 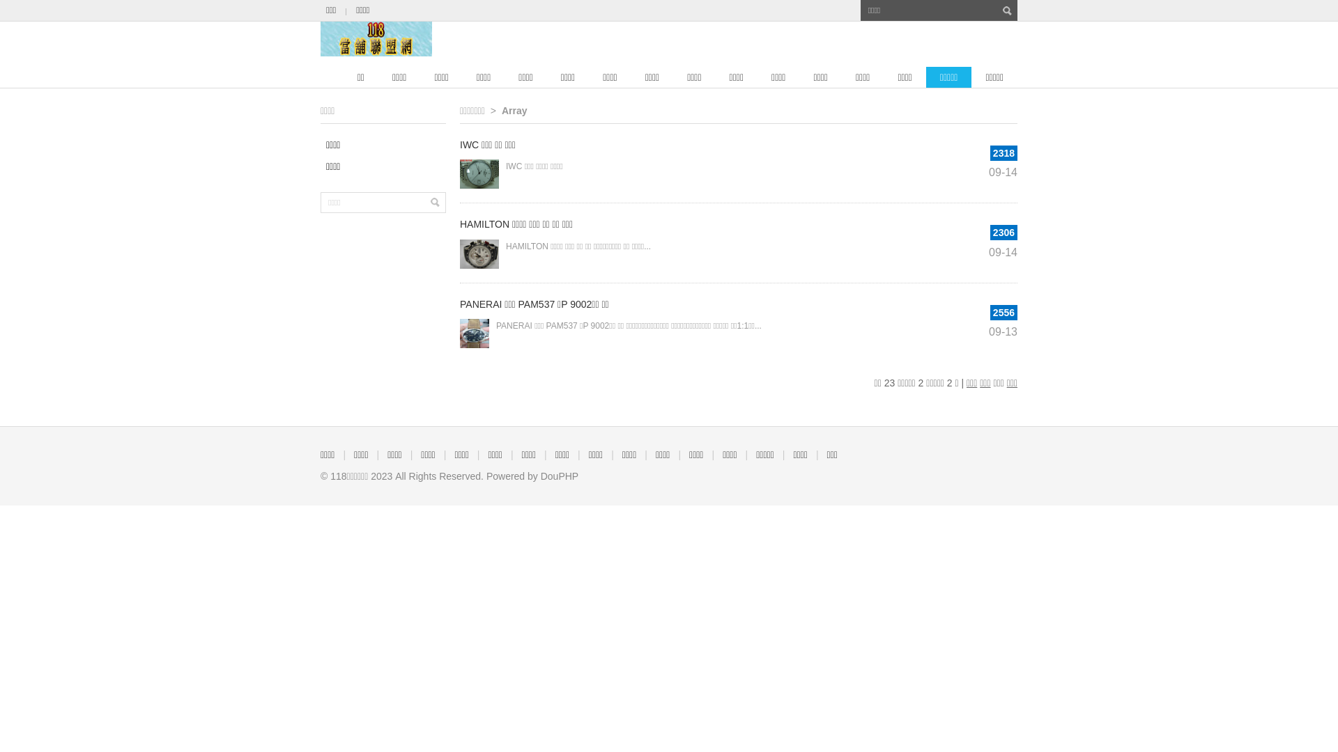 I want to click on 'Powered by DouPHP', so click(x=531, y=475).